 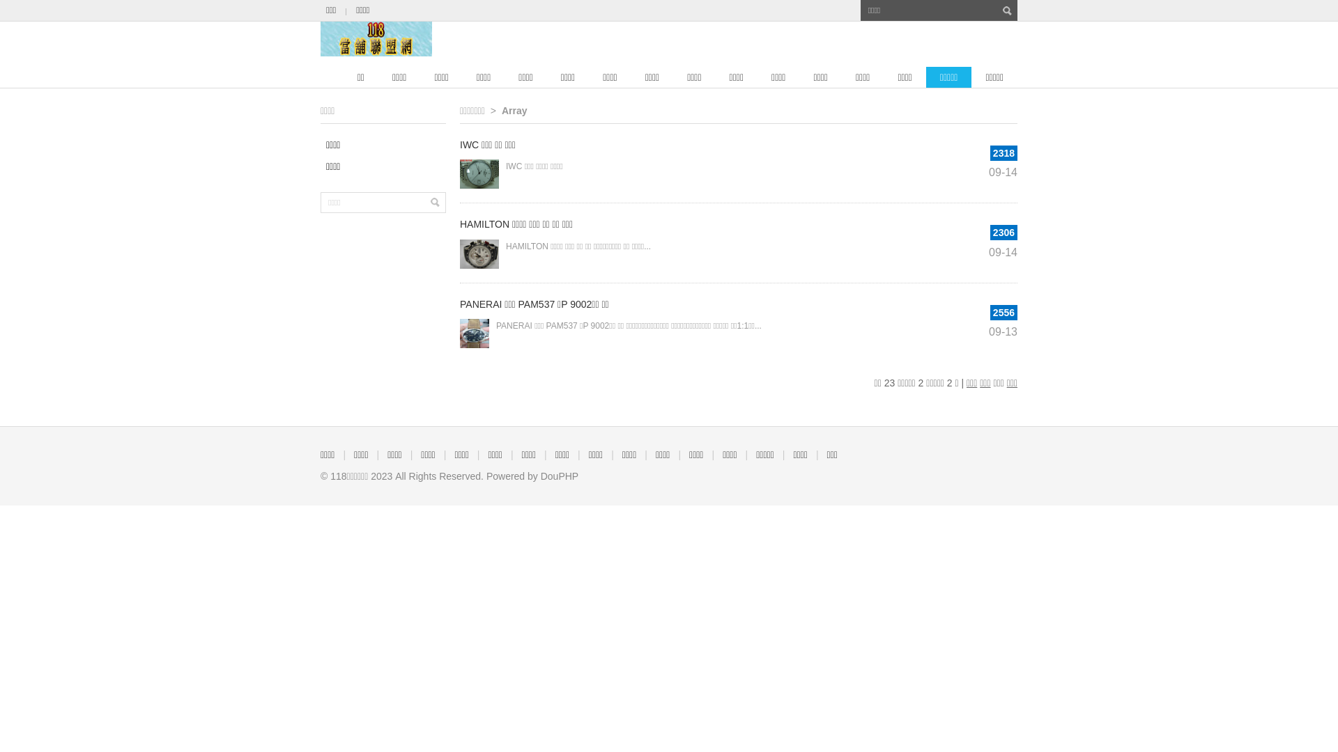 I want to click on 'Powered by DouPHP', so click(x=531, y=475).